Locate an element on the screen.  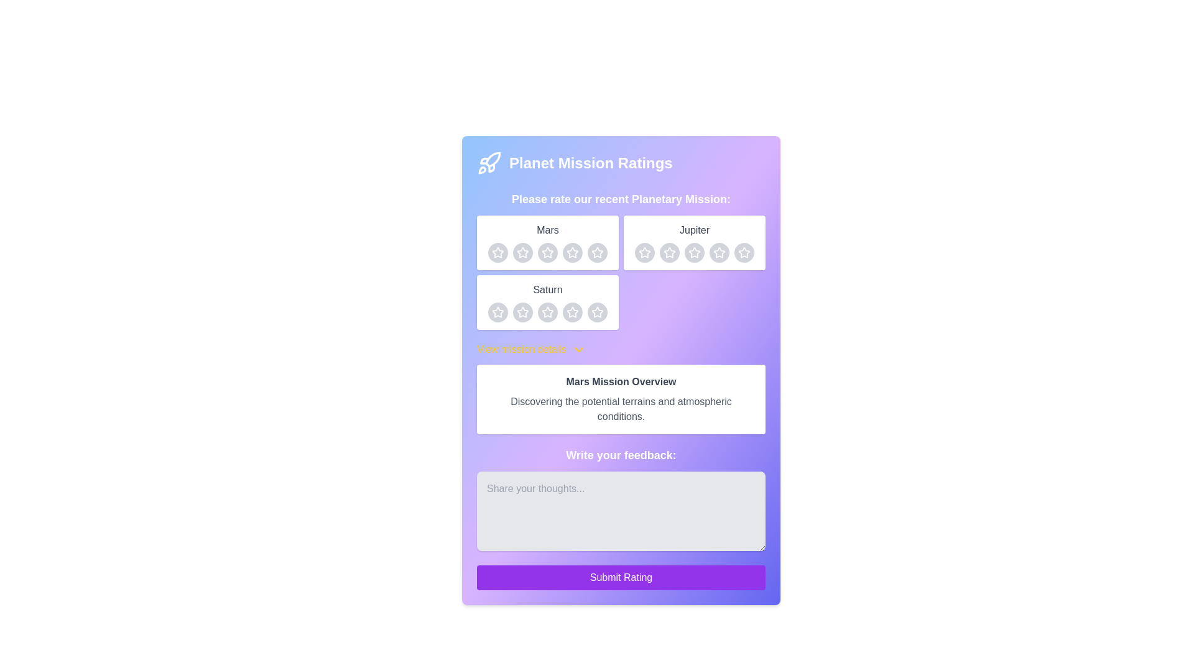
the second star icon in the Jupiter rating system is located at coordinates (694, 252).